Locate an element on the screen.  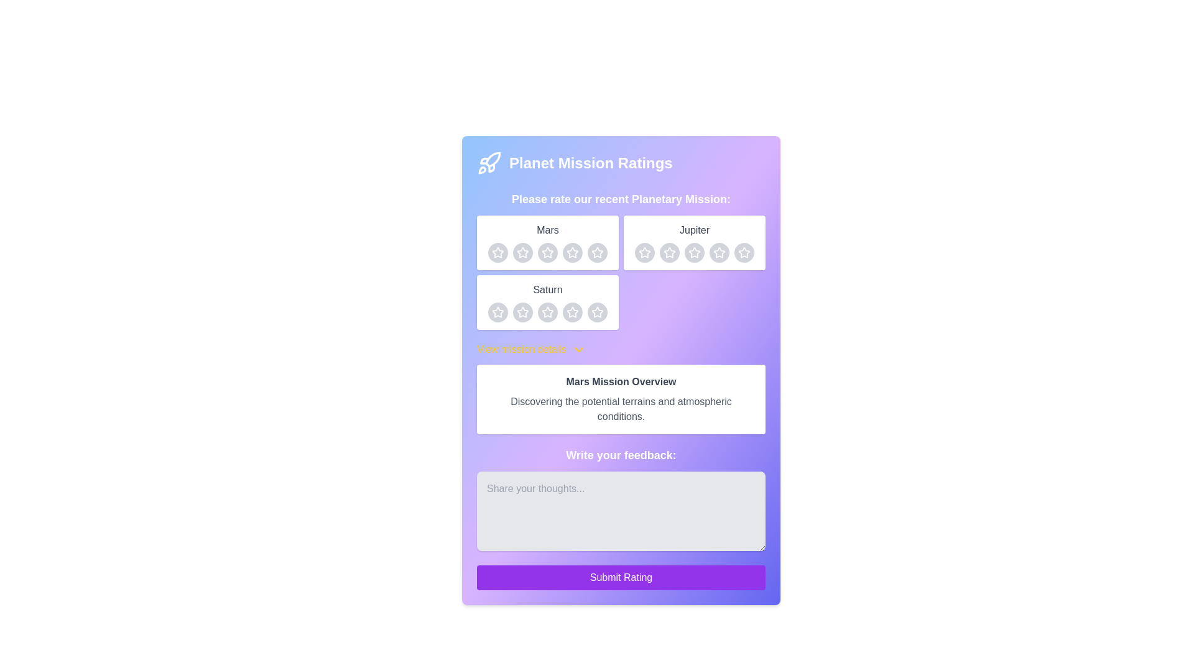
the second star icon in the Jupiter rating system is located at coordinates (694, 252).